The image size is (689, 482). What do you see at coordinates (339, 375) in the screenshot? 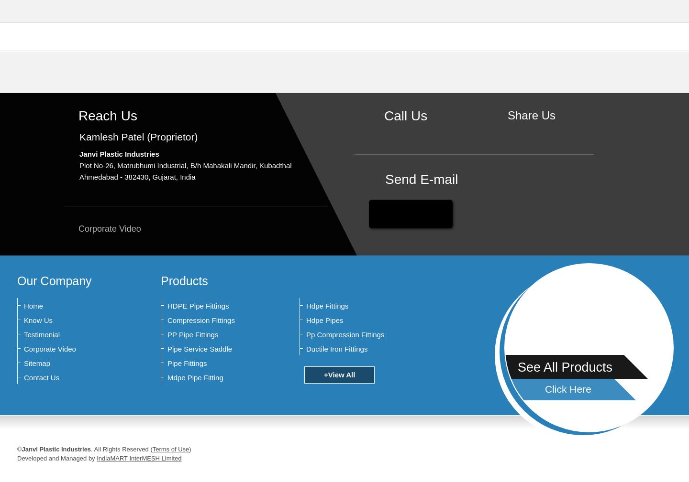
I see `'+View All'` at bounding box center [339, 375].